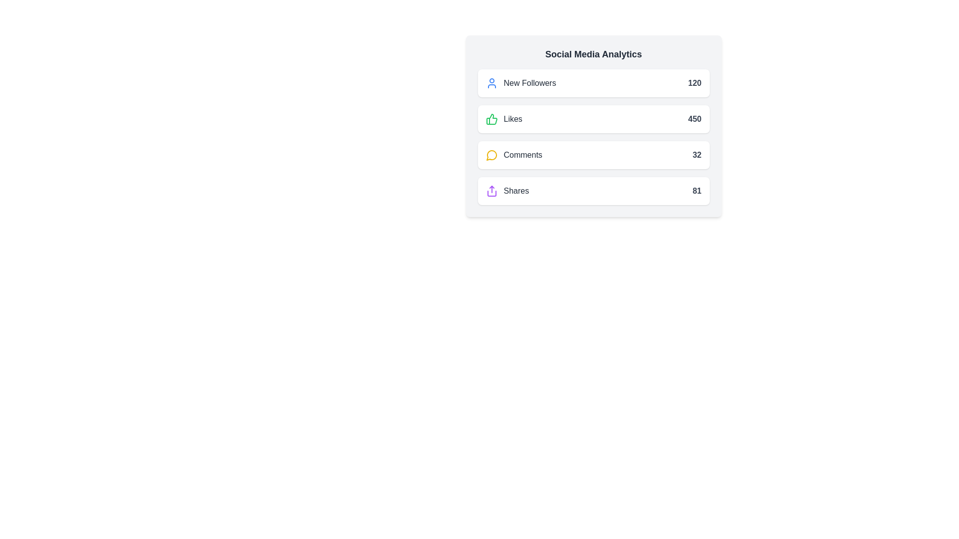 This screenshot has height=539, width=959. Describe the element at coordinates (491, 119) in the screenshot. I see `the green thumbs-up icon located to the left of the 'Likes' text label in the second row of the list` at that location.